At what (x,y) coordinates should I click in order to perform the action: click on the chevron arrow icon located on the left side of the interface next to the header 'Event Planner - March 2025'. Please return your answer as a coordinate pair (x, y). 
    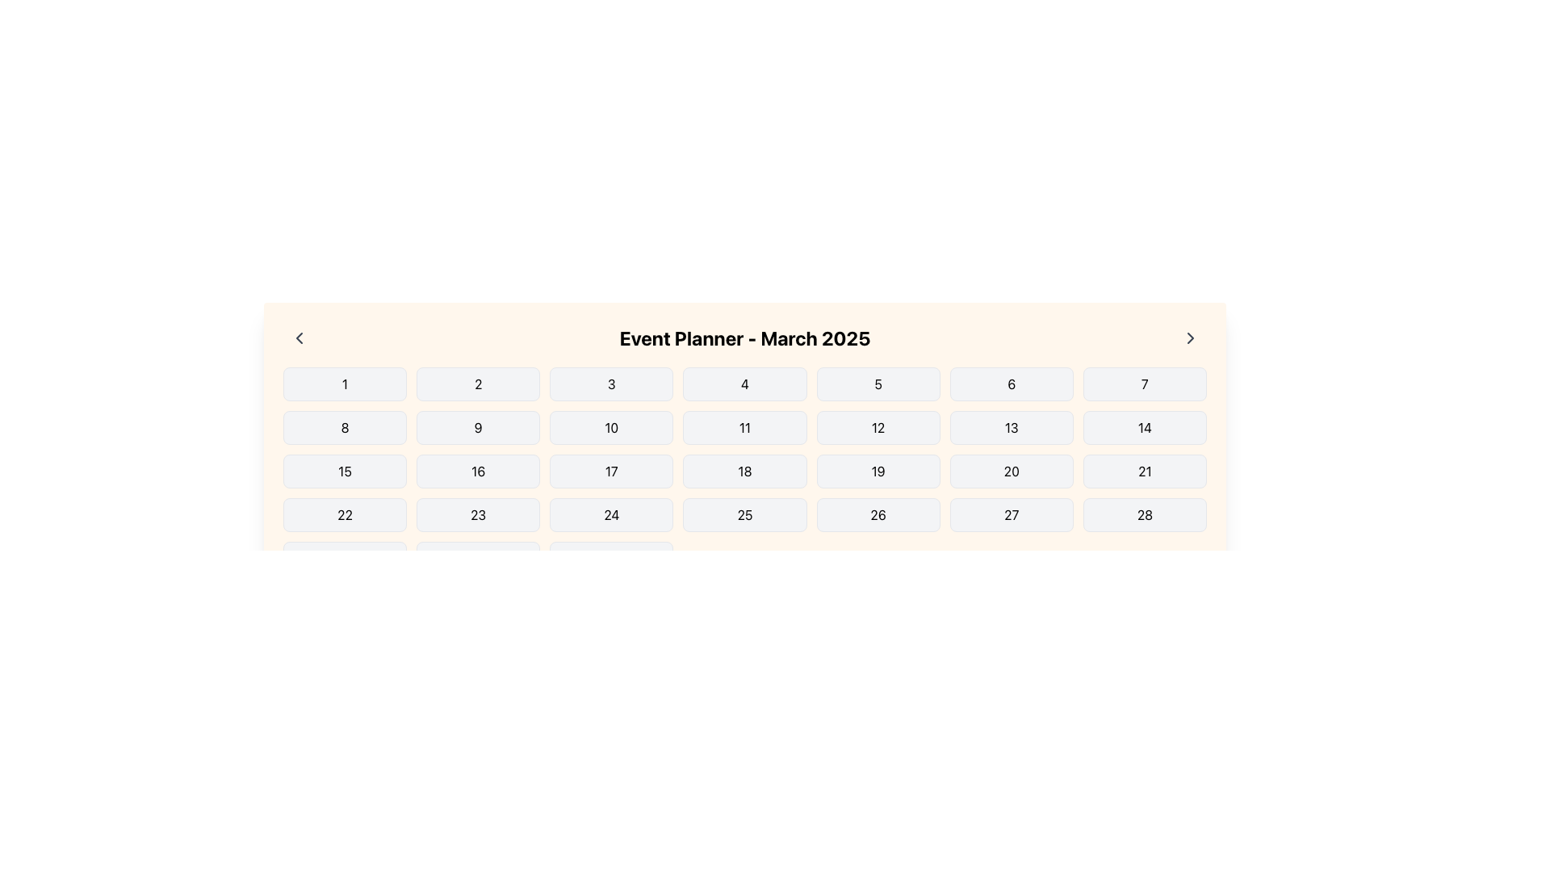
    Looking at the image, I should click on (299, 337).